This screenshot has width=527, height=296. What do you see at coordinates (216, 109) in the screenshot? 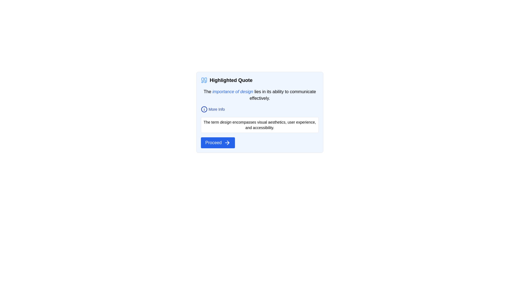
I see `the 'More Info' text label, which is styled as a link in blue` at bounding box center [216, 109].